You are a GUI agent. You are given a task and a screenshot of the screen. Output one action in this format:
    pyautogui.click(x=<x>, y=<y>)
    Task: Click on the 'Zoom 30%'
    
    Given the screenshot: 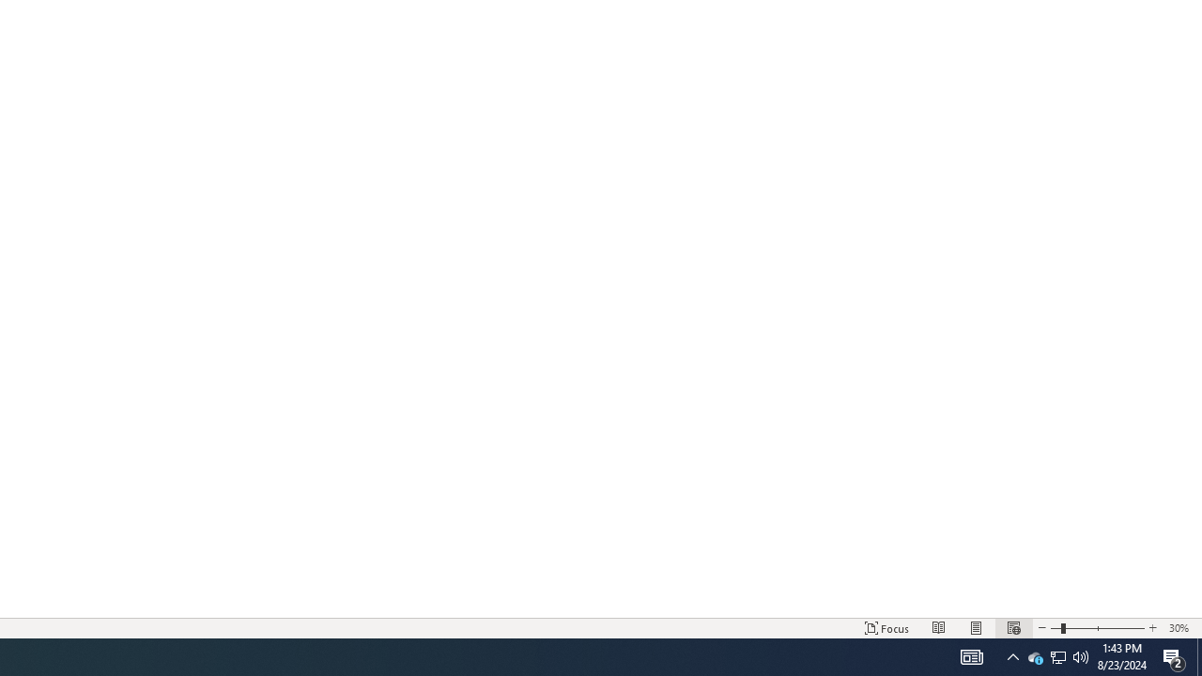 What is the action you would take?
    pyautogui.click(x=1180, y=628)
    